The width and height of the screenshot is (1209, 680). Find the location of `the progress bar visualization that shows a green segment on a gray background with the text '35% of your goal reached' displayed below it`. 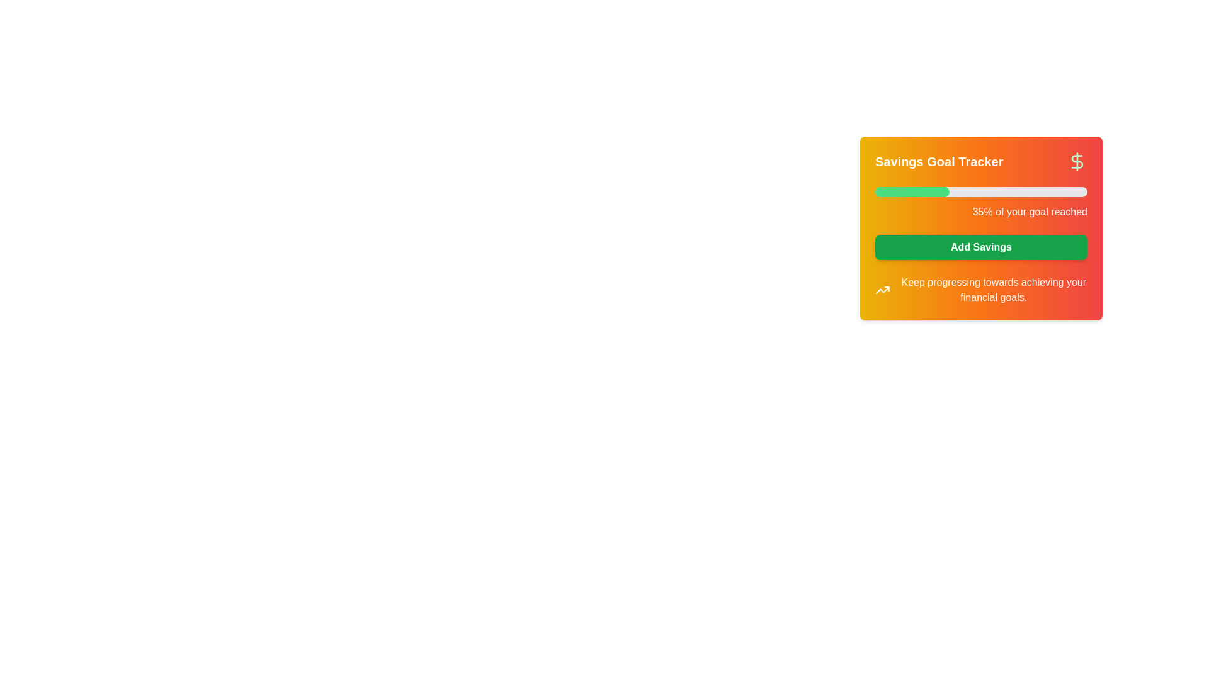

the progress bar visualization that shows a green segment on a gray background with the text '35% of your goal reached' displayed below it is located at coordinates (980, 203).